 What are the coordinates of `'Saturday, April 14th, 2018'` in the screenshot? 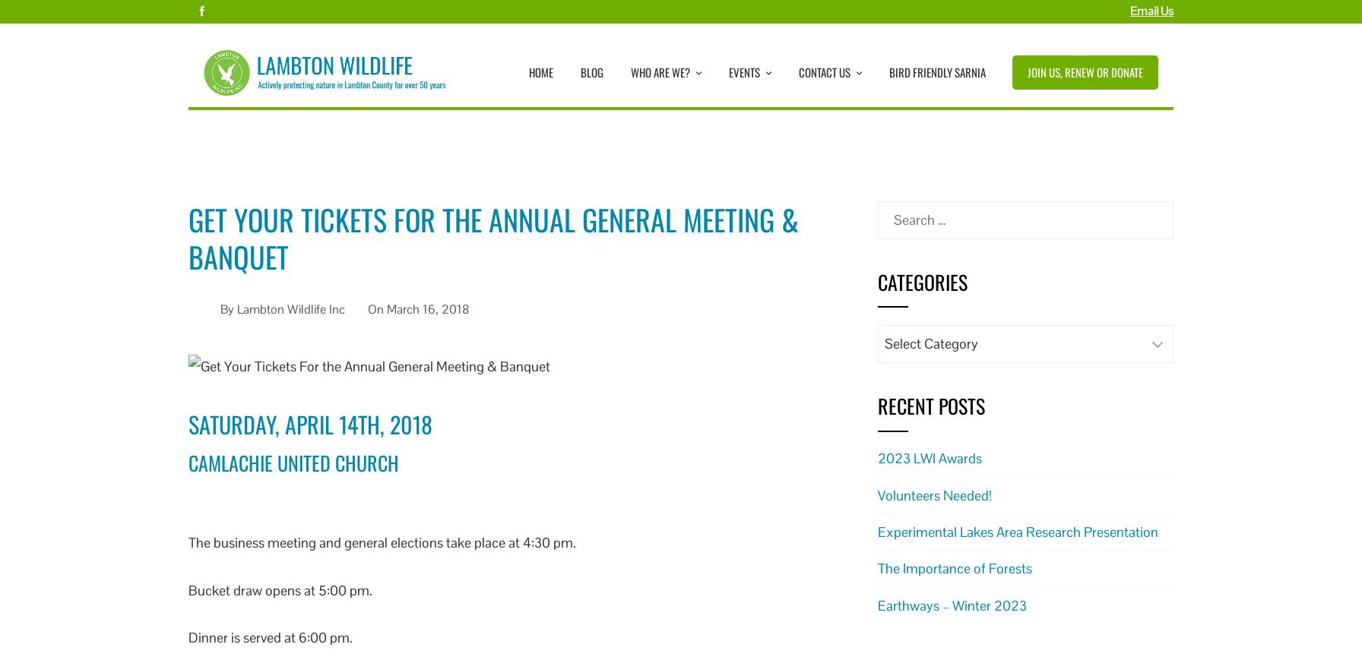 It's located at (310, 423).